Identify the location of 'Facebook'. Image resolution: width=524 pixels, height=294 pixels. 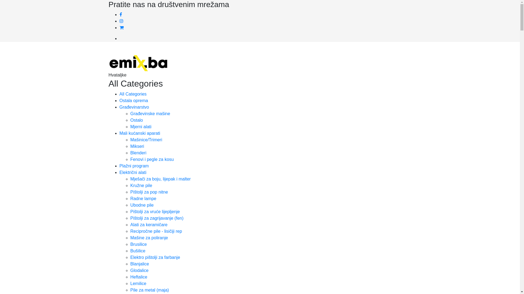
(120, 14).